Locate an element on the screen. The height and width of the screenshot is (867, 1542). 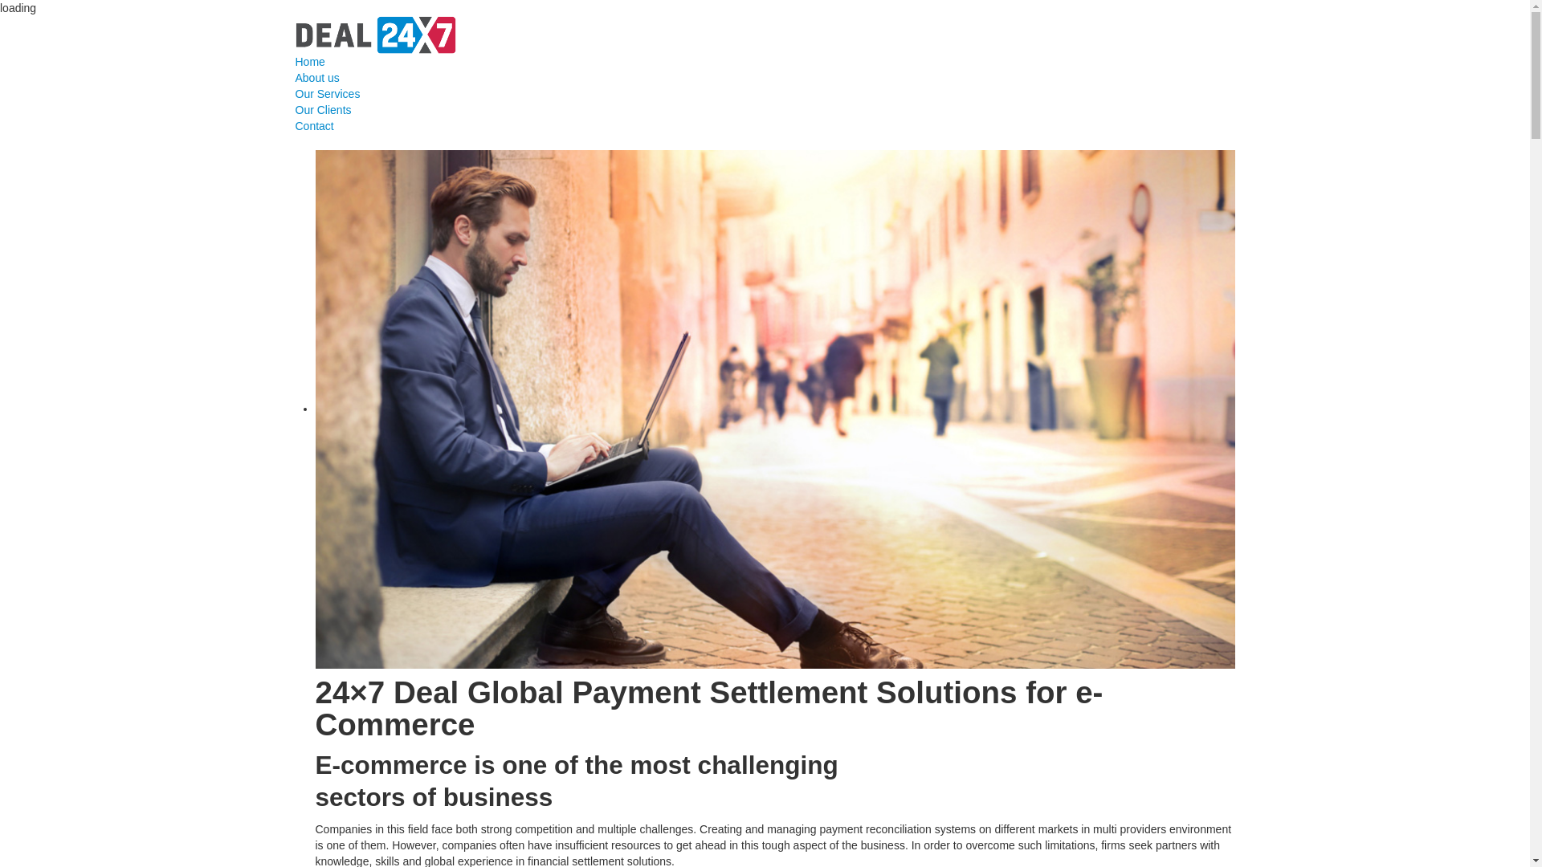
'About us' is located at coordinates (296, 77).